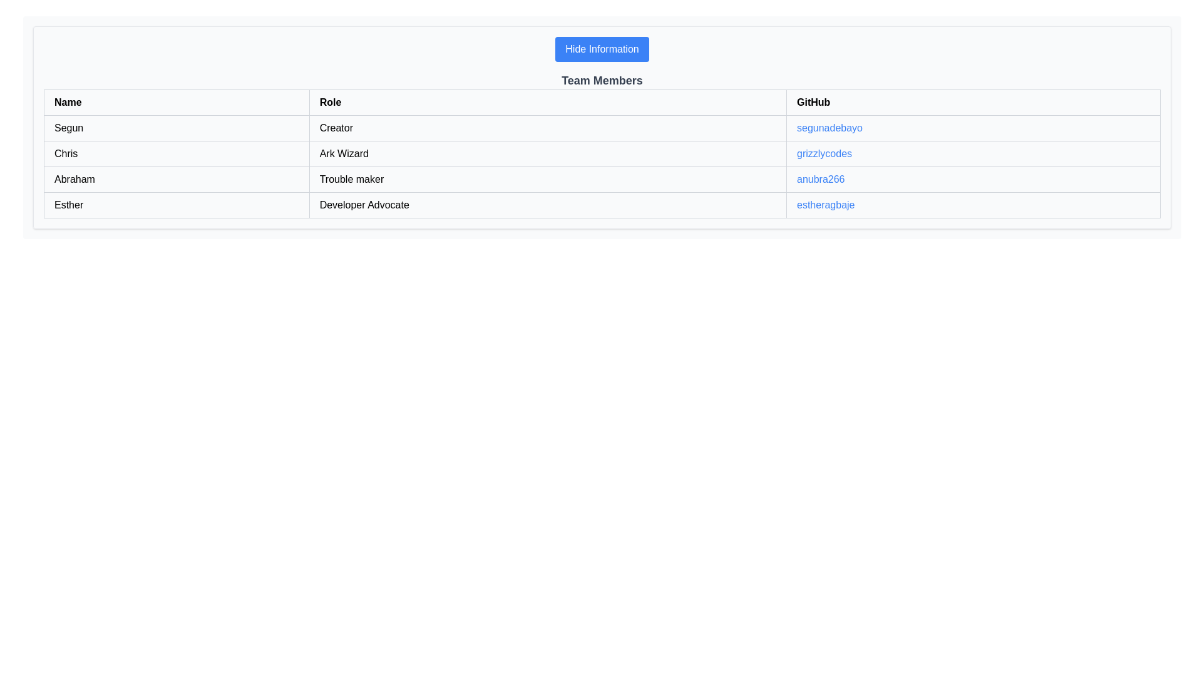 Image resolution: width=1202 pixels, height=676 pixels. Describe the element at coordinates (602, 179) in the screenshot. I see `the third row in the table that displays information about an individual, including their name, role, and GitHub username, to trigger a potential tooltip display` at that location.